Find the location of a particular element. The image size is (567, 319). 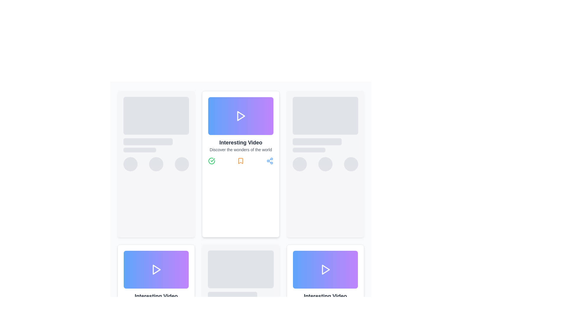

the bookmark icon, which is an orange-colored outline of a bookmark shape located below the title 'Interesting Video' and above the share icon, to bring up a tooltip with more information is located at coordinates (241, 161).